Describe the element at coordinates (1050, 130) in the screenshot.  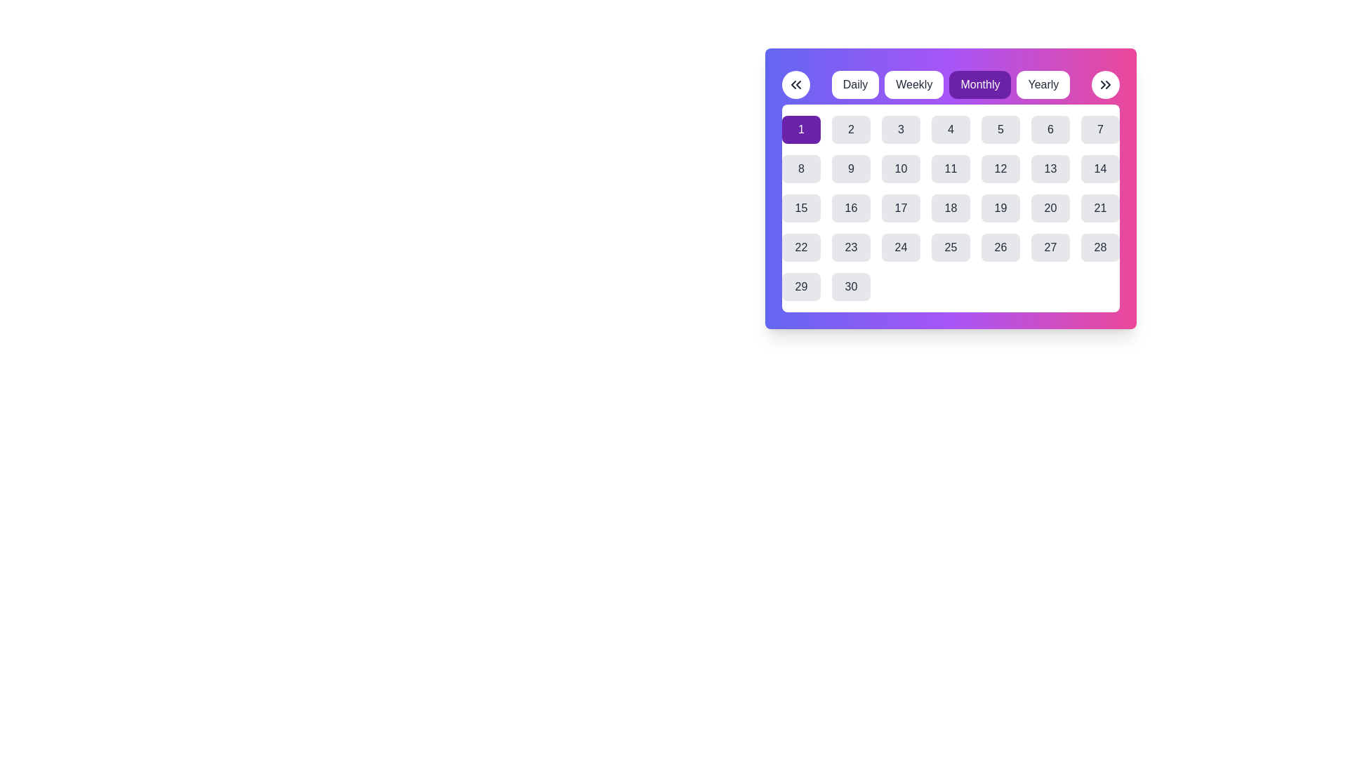
I see `the button in the first row and sixth column of the calendar interface` at that location.